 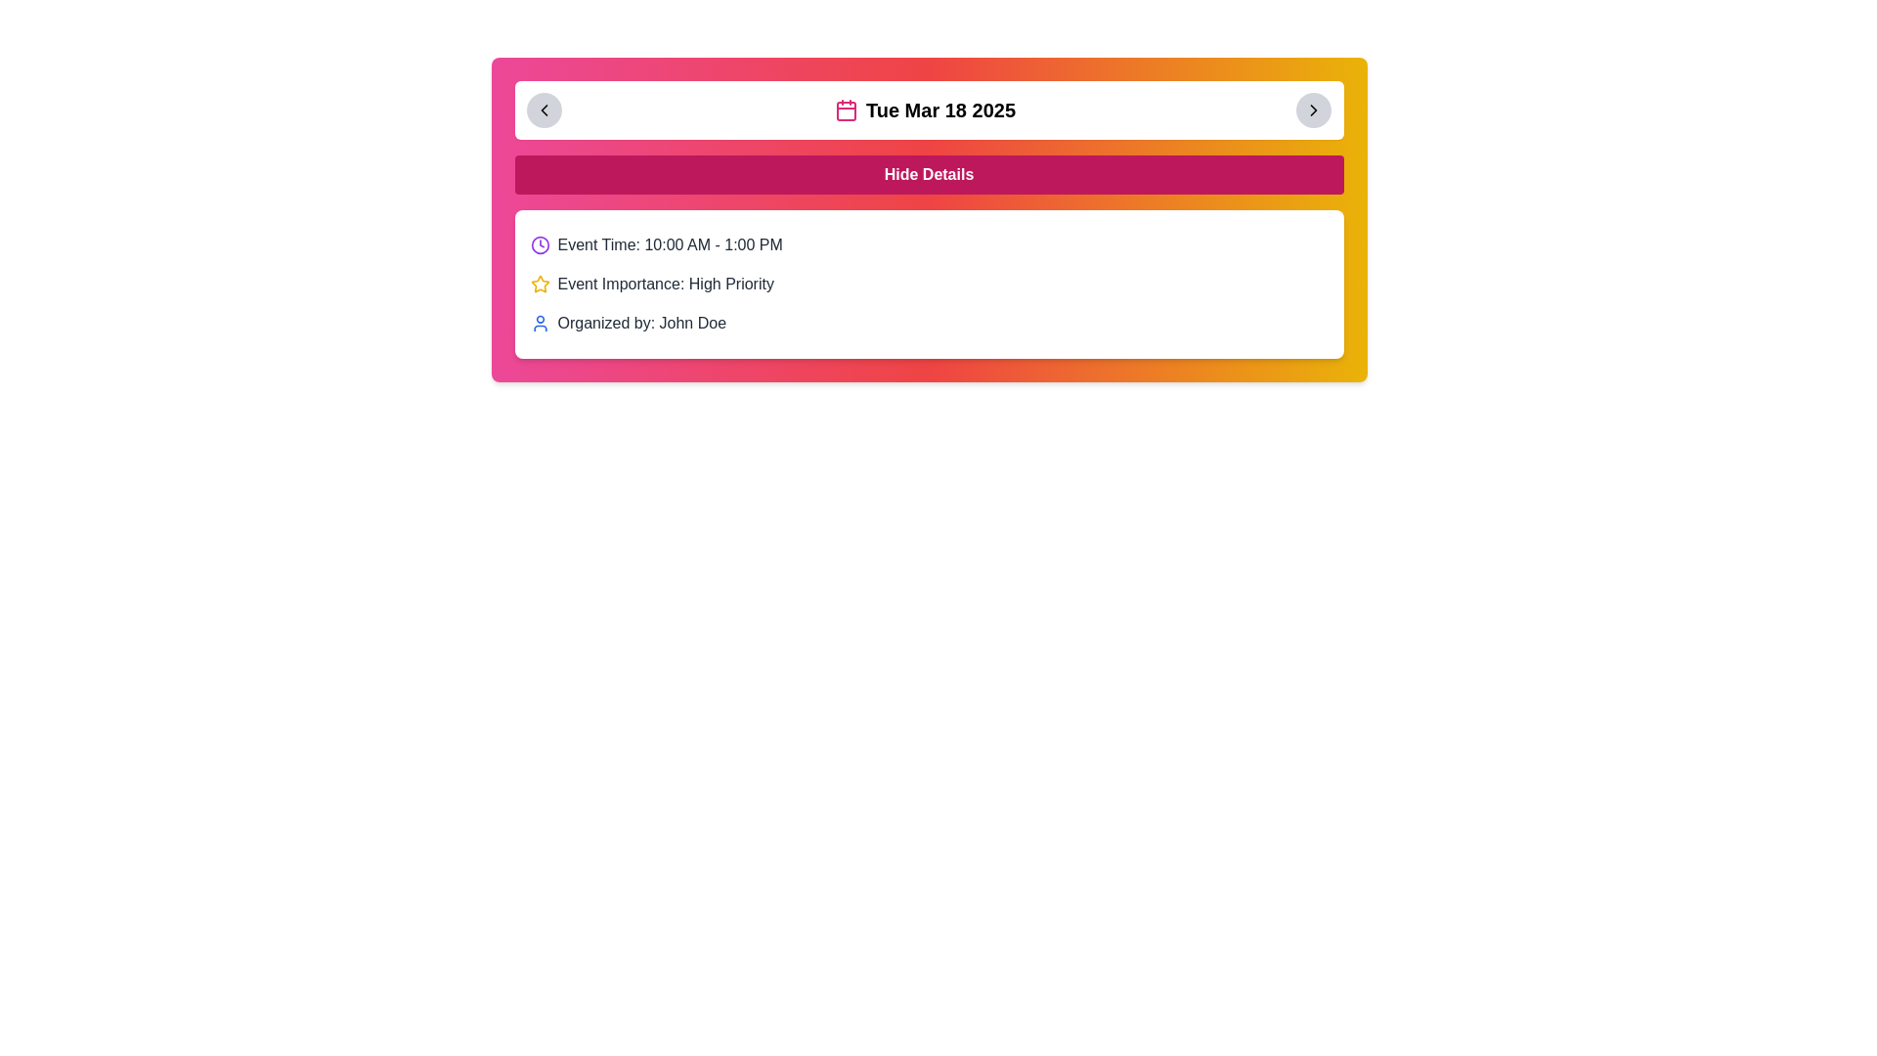 What do you see at coordinates (846, 111) in the screenshot?
I see `the interior rectangle of the calendar icon, which is located to the right of the header text 'Tue Mar 18 2025'` at bounding box center [846, 111].